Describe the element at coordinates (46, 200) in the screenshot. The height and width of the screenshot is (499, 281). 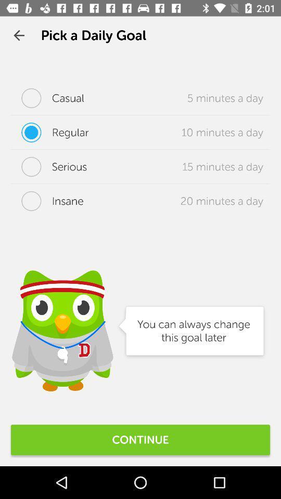
I see `insane icon` at that location.